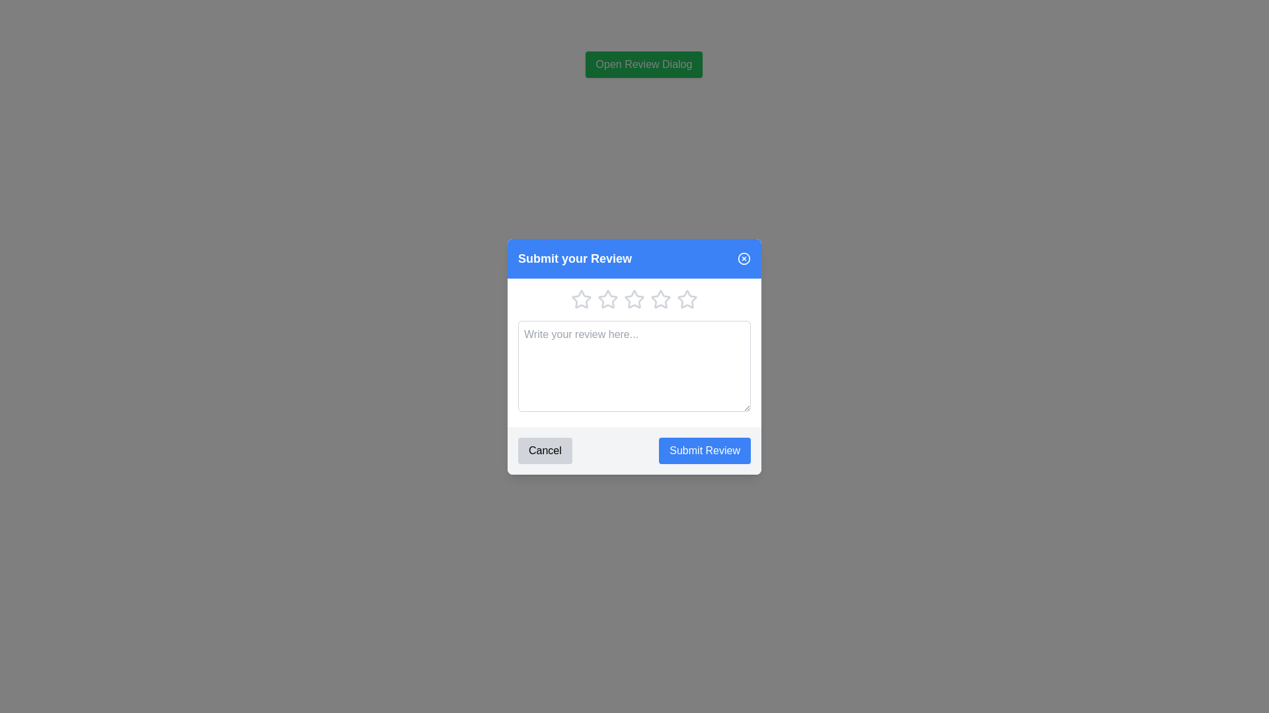  I want to click on the first rating star button in the review dialog to set a rating of one star, so click(581, 298).